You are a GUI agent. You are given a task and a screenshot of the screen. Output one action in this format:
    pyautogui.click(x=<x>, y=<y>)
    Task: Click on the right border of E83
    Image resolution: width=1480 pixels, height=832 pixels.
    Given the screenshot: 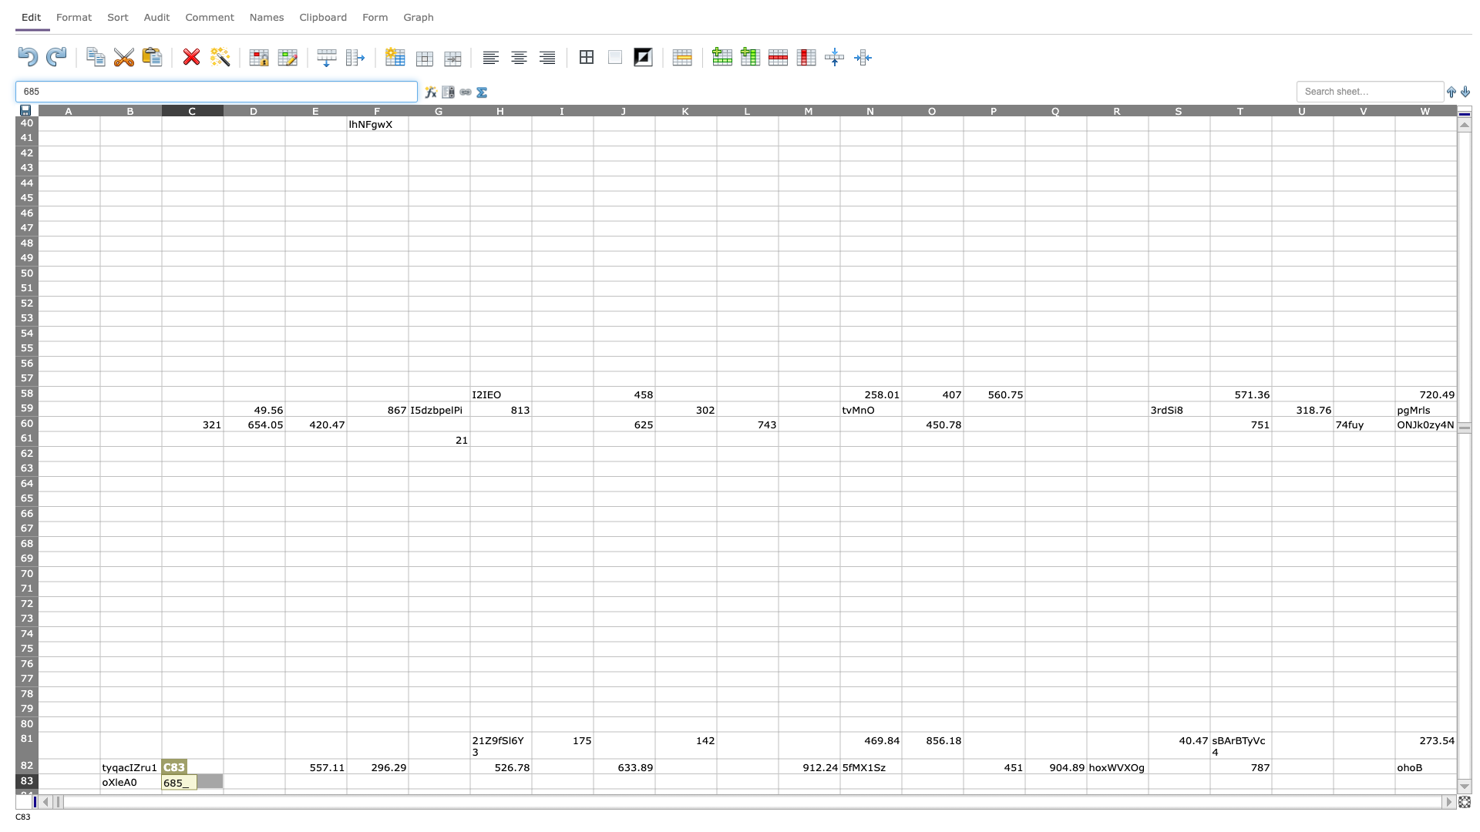 What is the action you would take?
    pyautogui.click(x=346, y=781)
    